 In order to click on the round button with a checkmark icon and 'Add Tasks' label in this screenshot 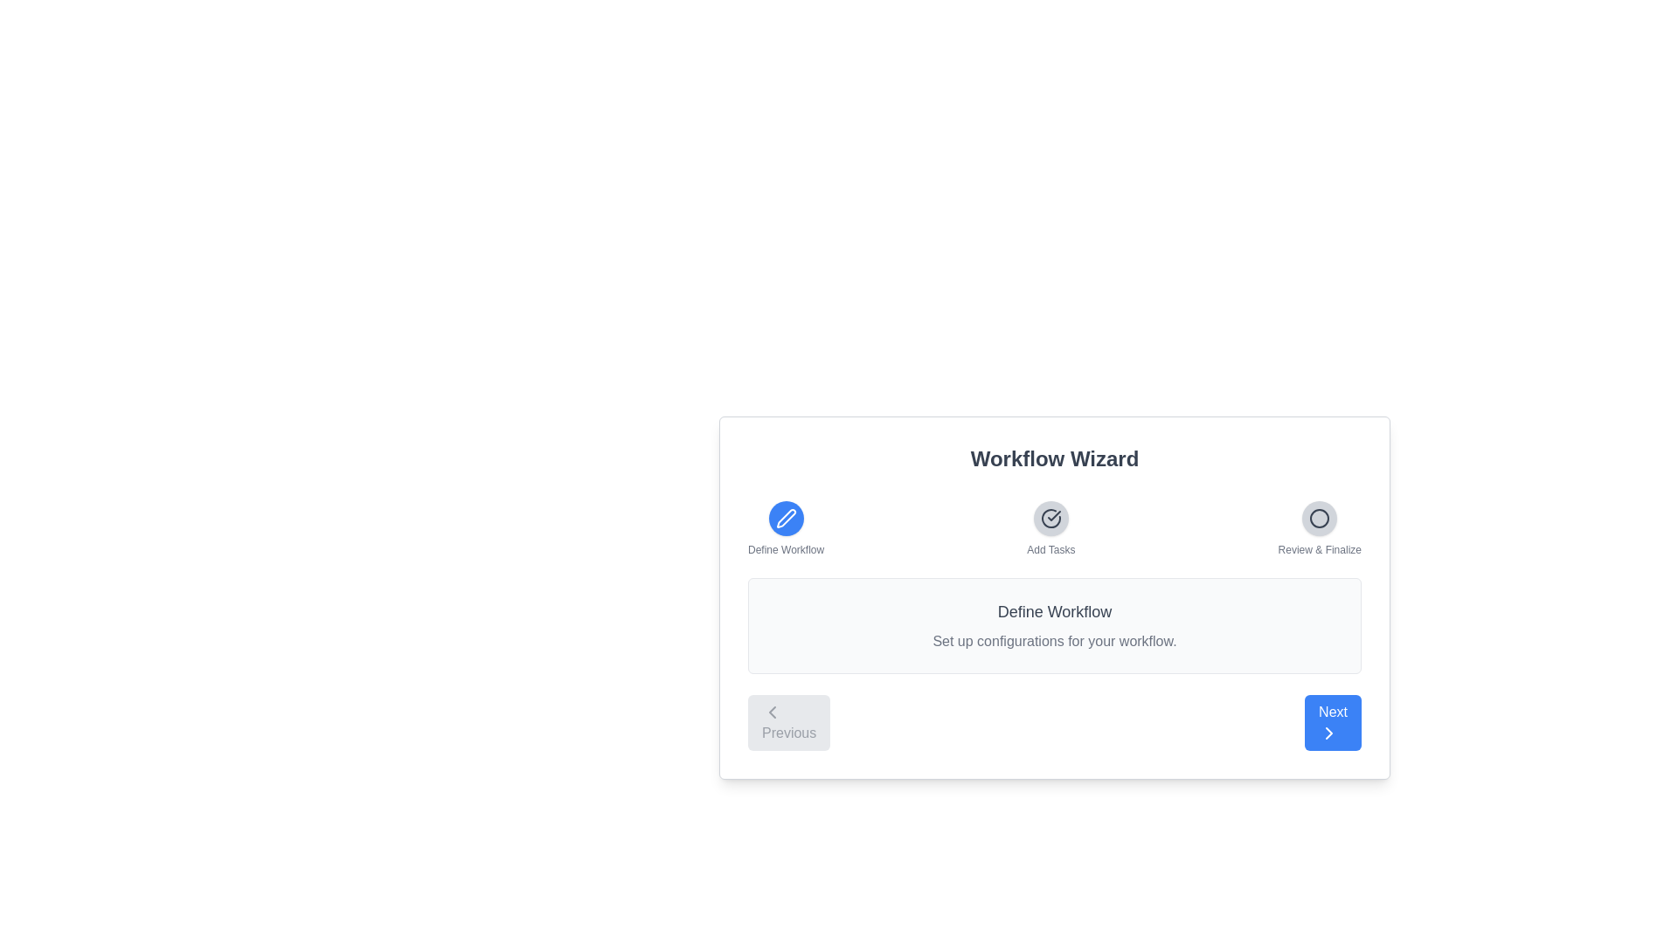, I will do `click(1050, 527)`.